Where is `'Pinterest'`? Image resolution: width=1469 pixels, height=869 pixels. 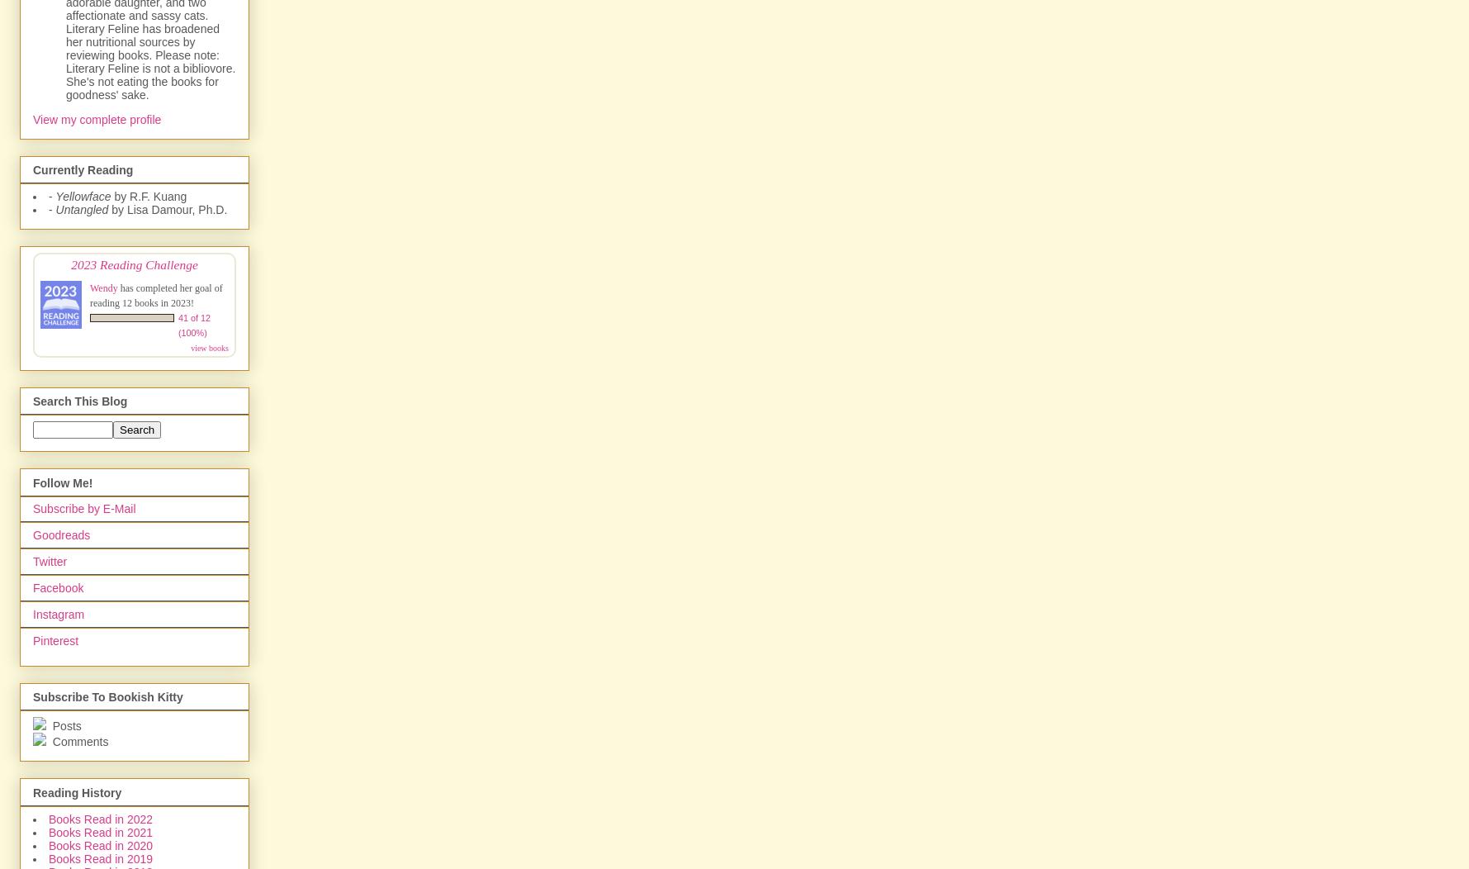 'Pinterest' is located at coordinates (55, 639).